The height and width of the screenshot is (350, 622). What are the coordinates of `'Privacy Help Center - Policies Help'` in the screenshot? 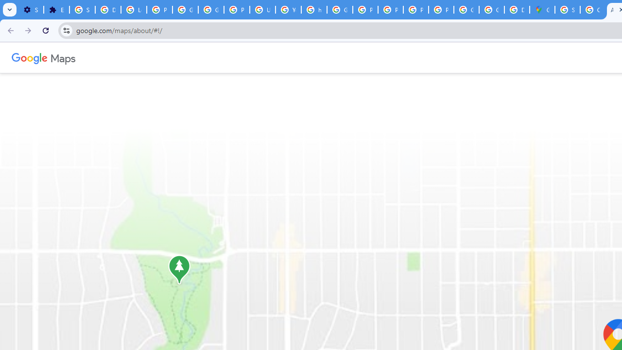 It's located at (365, 10).